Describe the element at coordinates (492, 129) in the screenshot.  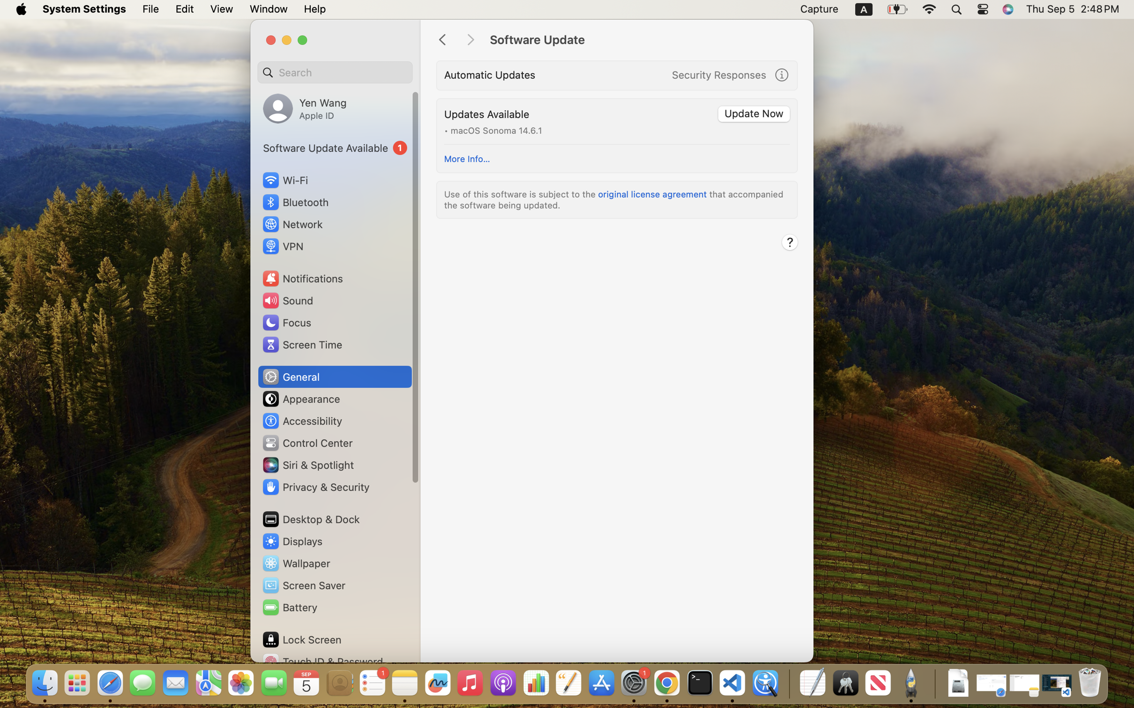
I see `'• macOS Sonoma 14.6.1'` at that location.